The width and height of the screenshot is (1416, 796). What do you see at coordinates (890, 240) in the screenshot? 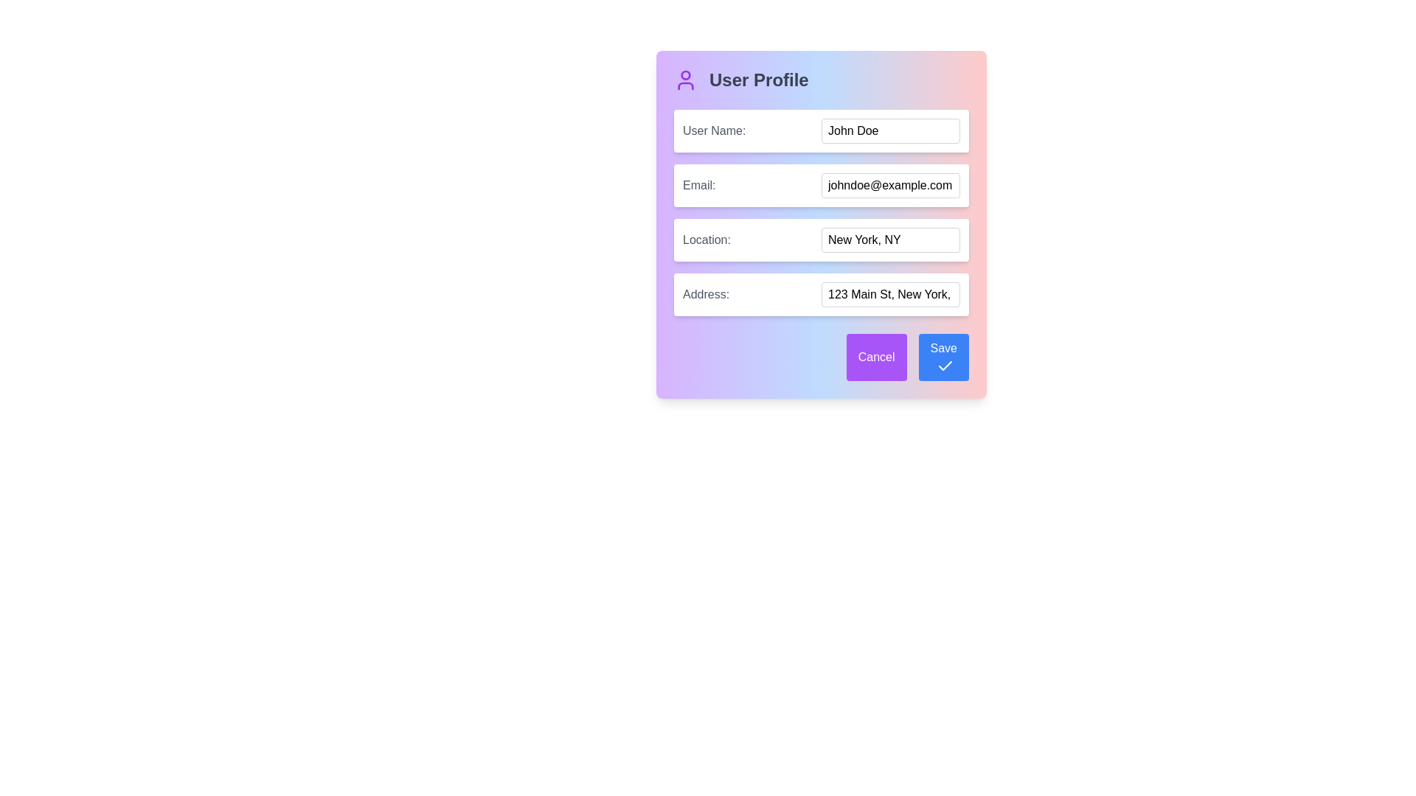
I see `the text input field for location details, which is positioned to the right of the label 'Location:' and currently contains 'New York, NY'` at bounding box center [890, 240].